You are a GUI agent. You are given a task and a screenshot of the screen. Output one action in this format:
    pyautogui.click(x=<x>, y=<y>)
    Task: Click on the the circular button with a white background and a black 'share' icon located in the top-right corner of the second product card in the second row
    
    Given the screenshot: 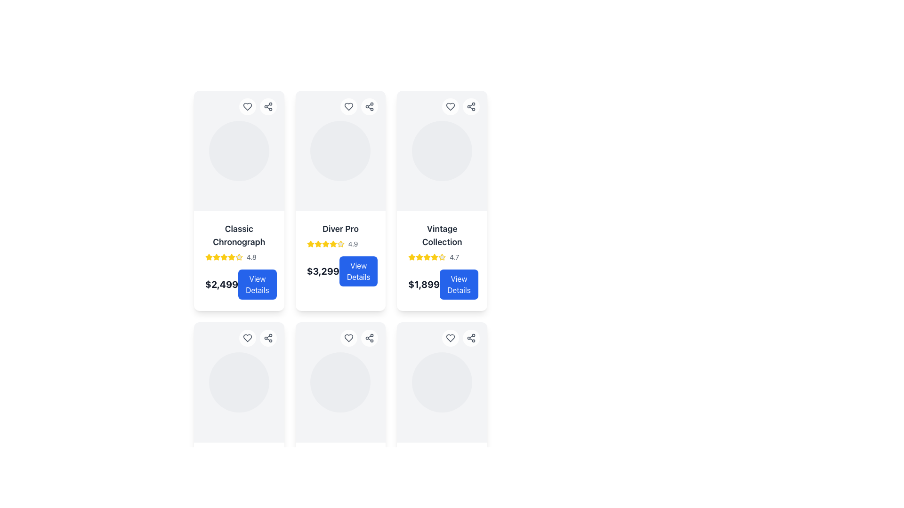 What is the action you would take?
    pyautogui.click(x=369, y=337)
    